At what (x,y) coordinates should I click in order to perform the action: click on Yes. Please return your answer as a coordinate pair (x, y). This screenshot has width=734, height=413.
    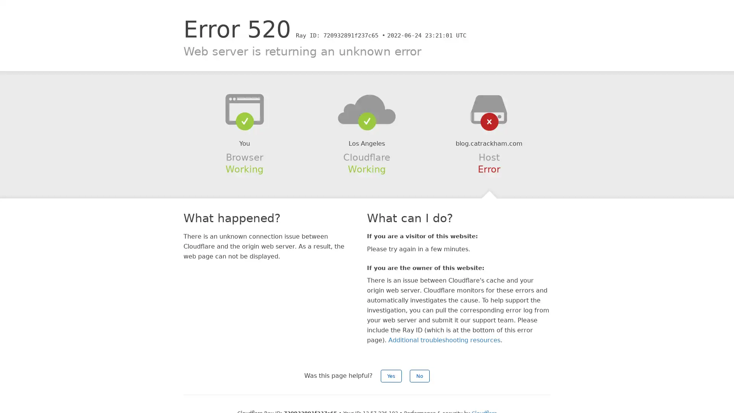
    Looking at the image, I should click on (391, 376).